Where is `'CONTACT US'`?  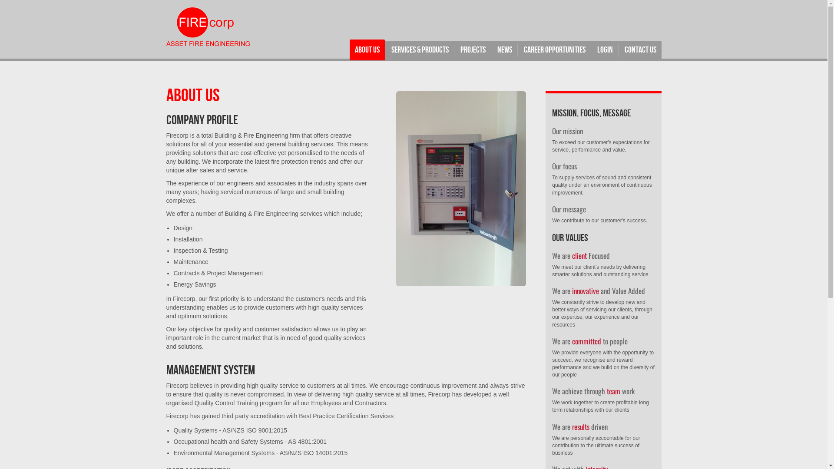 'CONTACT US' is located at coordinates (619, 50).